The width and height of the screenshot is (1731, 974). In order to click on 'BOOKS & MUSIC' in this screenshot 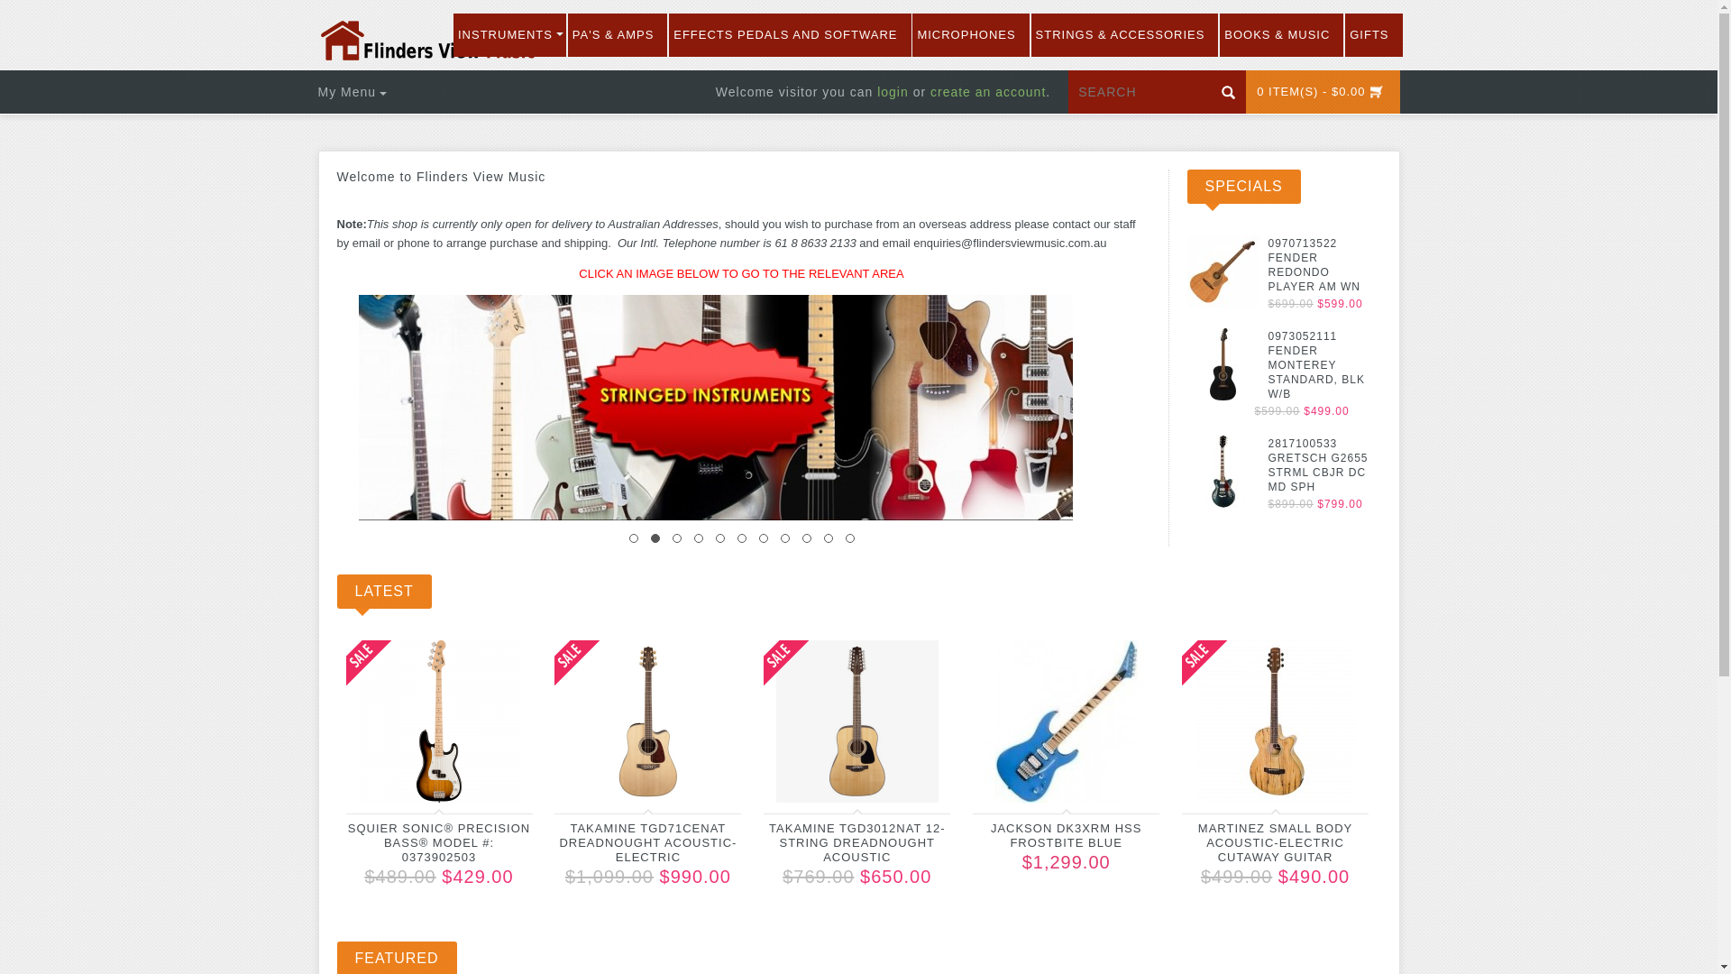, I will do `click(1280, 34)`.